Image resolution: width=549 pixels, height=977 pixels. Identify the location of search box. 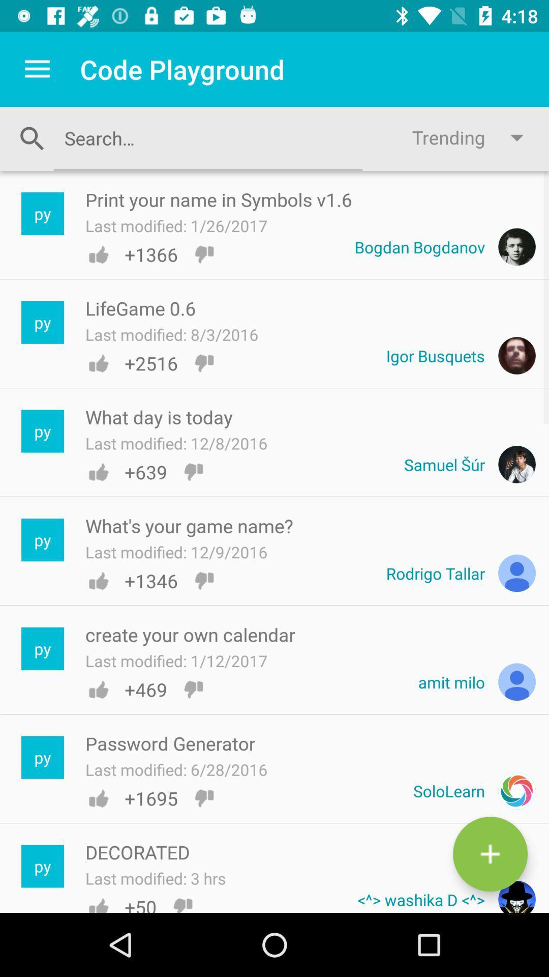
(207, 137).